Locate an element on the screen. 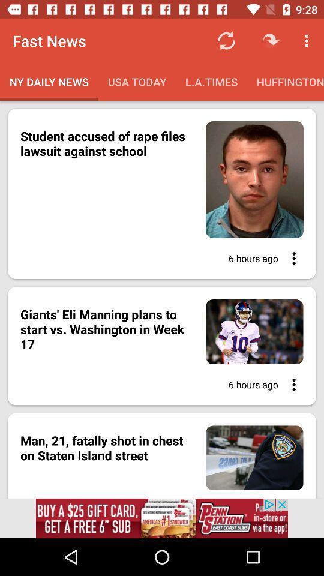 The image size is (324, 576). share this story is located at coordinates (290, 384).